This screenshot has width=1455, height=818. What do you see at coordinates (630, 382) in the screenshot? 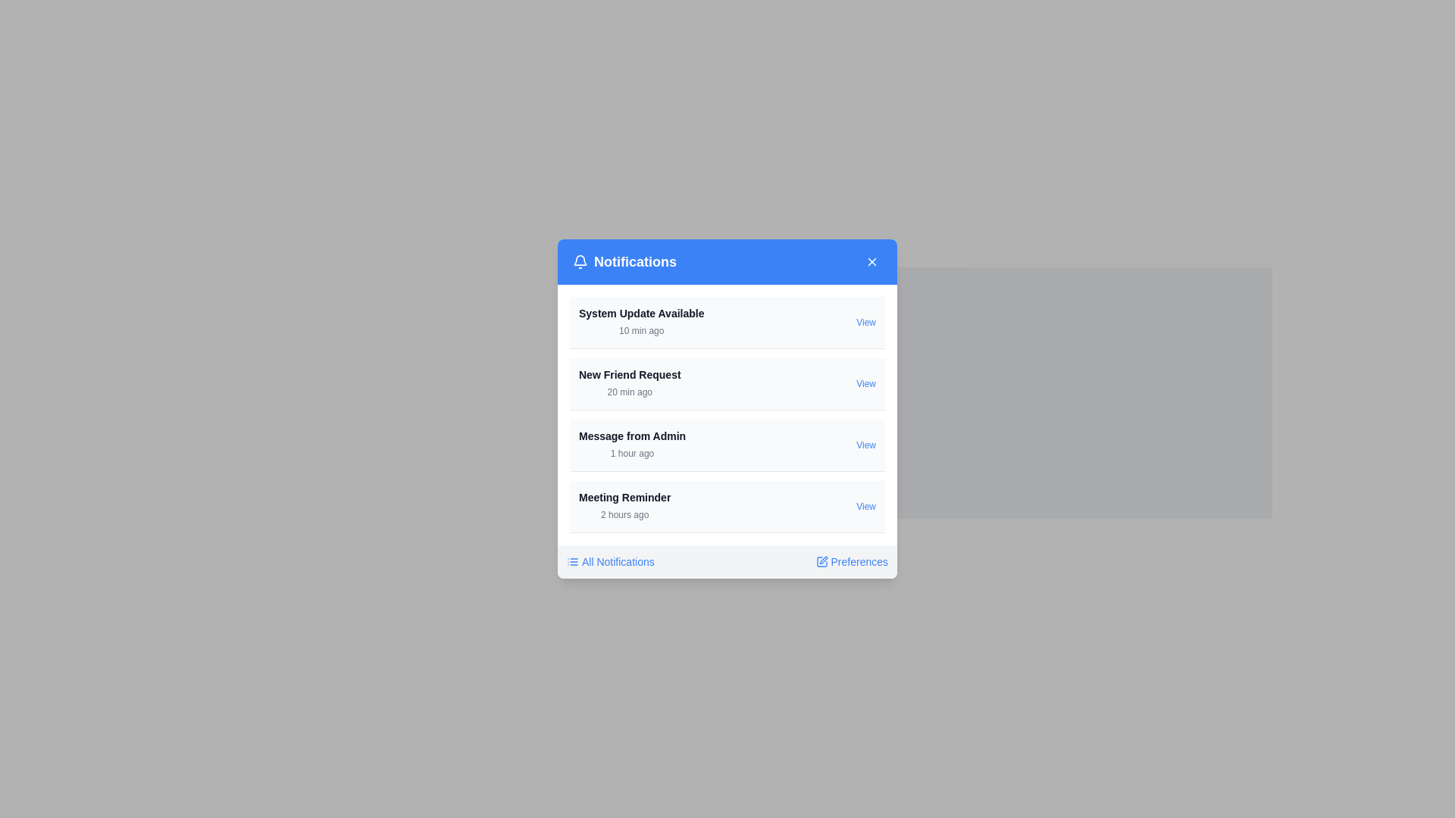
I see `the Notification item displaying 'New Friend Request' with timestamp '20 min ago', located between the 'System Update Available' and 'Message from Admin' notifications` at bounding box center [630, 382].